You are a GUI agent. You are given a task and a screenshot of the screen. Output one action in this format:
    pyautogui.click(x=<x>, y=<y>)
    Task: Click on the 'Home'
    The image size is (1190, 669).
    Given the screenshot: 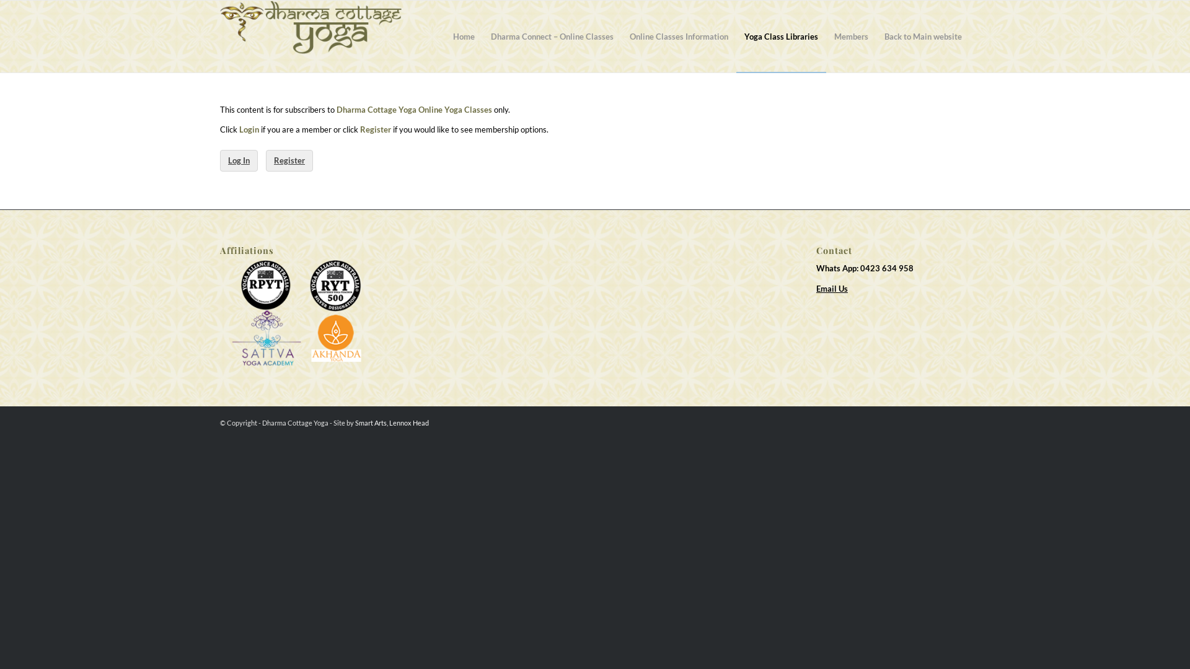 What is the action you would take?
    pyautogui.click(x=463, y=35)
    